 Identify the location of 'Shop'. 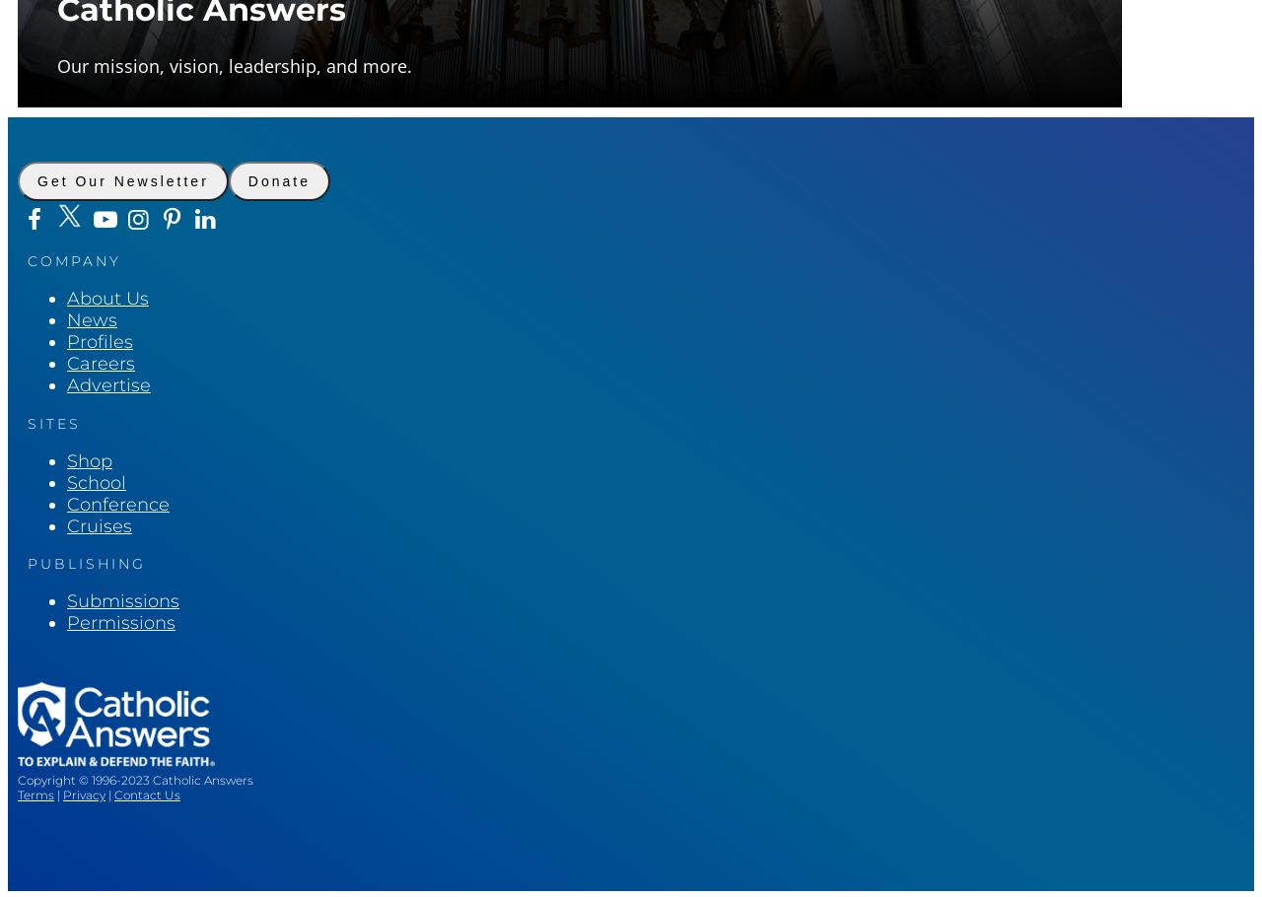
(89, 459).